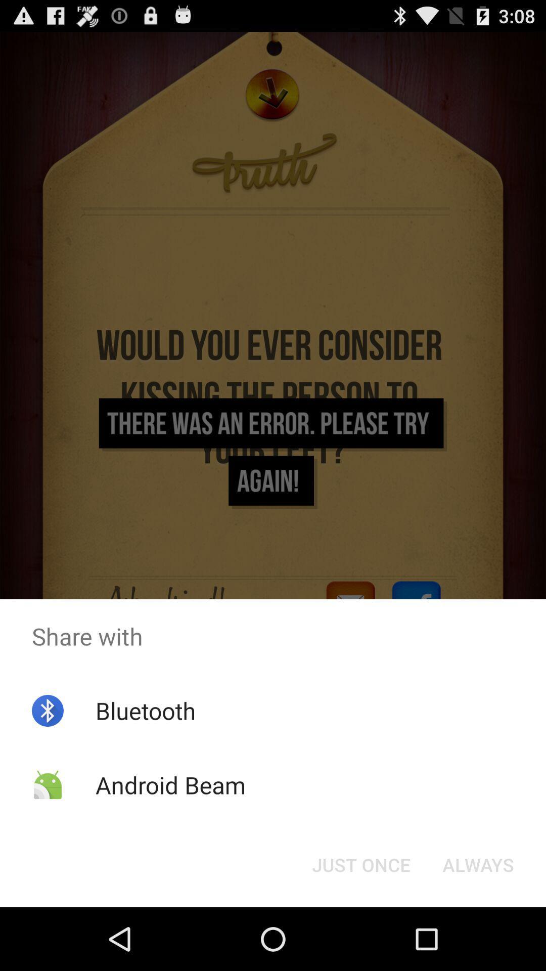 The image size is (546, 971). I want to click on the just once icon, so click(360, 864).